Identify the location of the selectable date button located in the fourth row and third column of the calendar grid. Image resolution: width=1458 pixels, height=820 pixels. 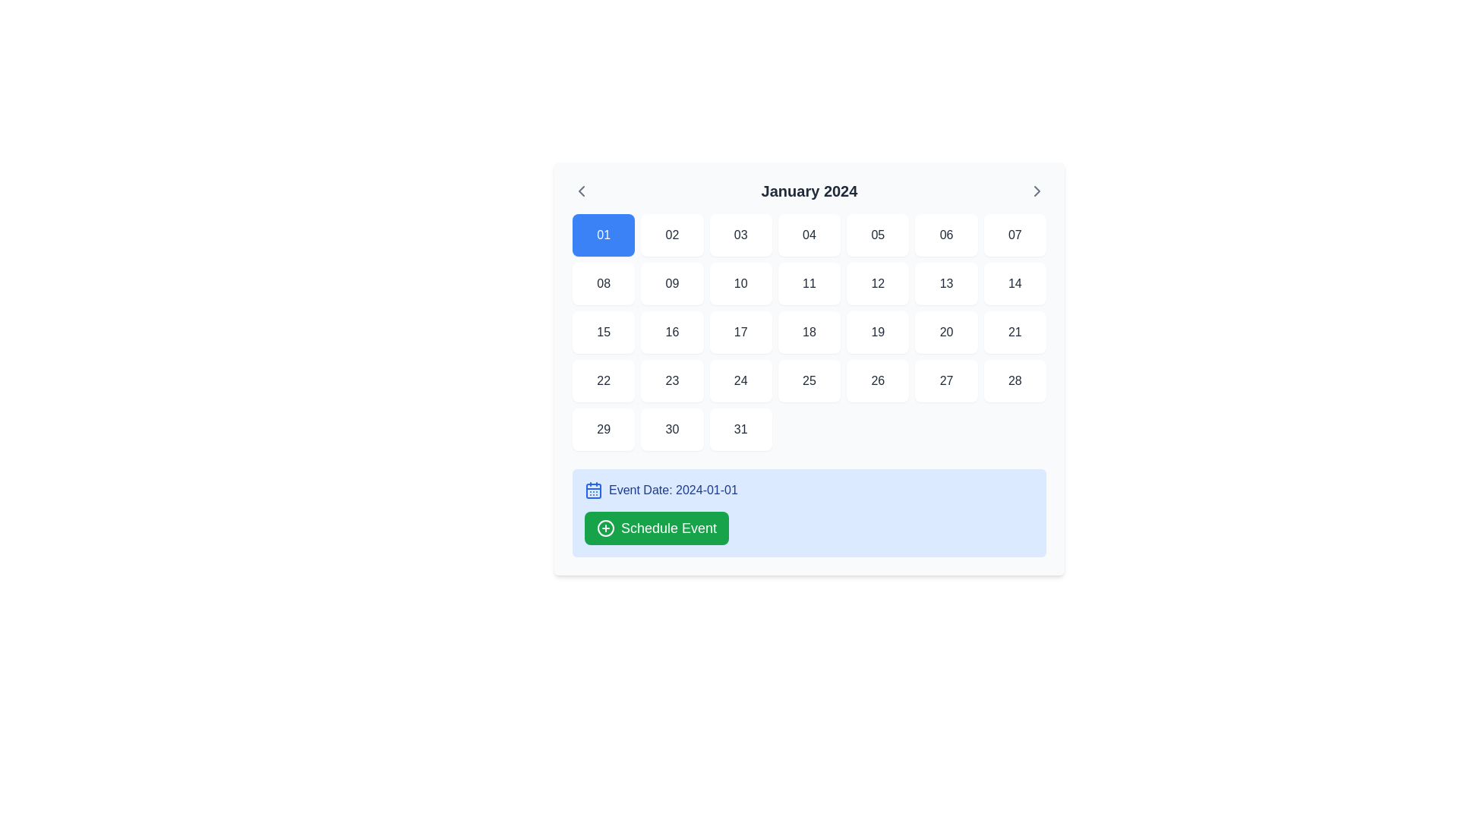
(740, 332).